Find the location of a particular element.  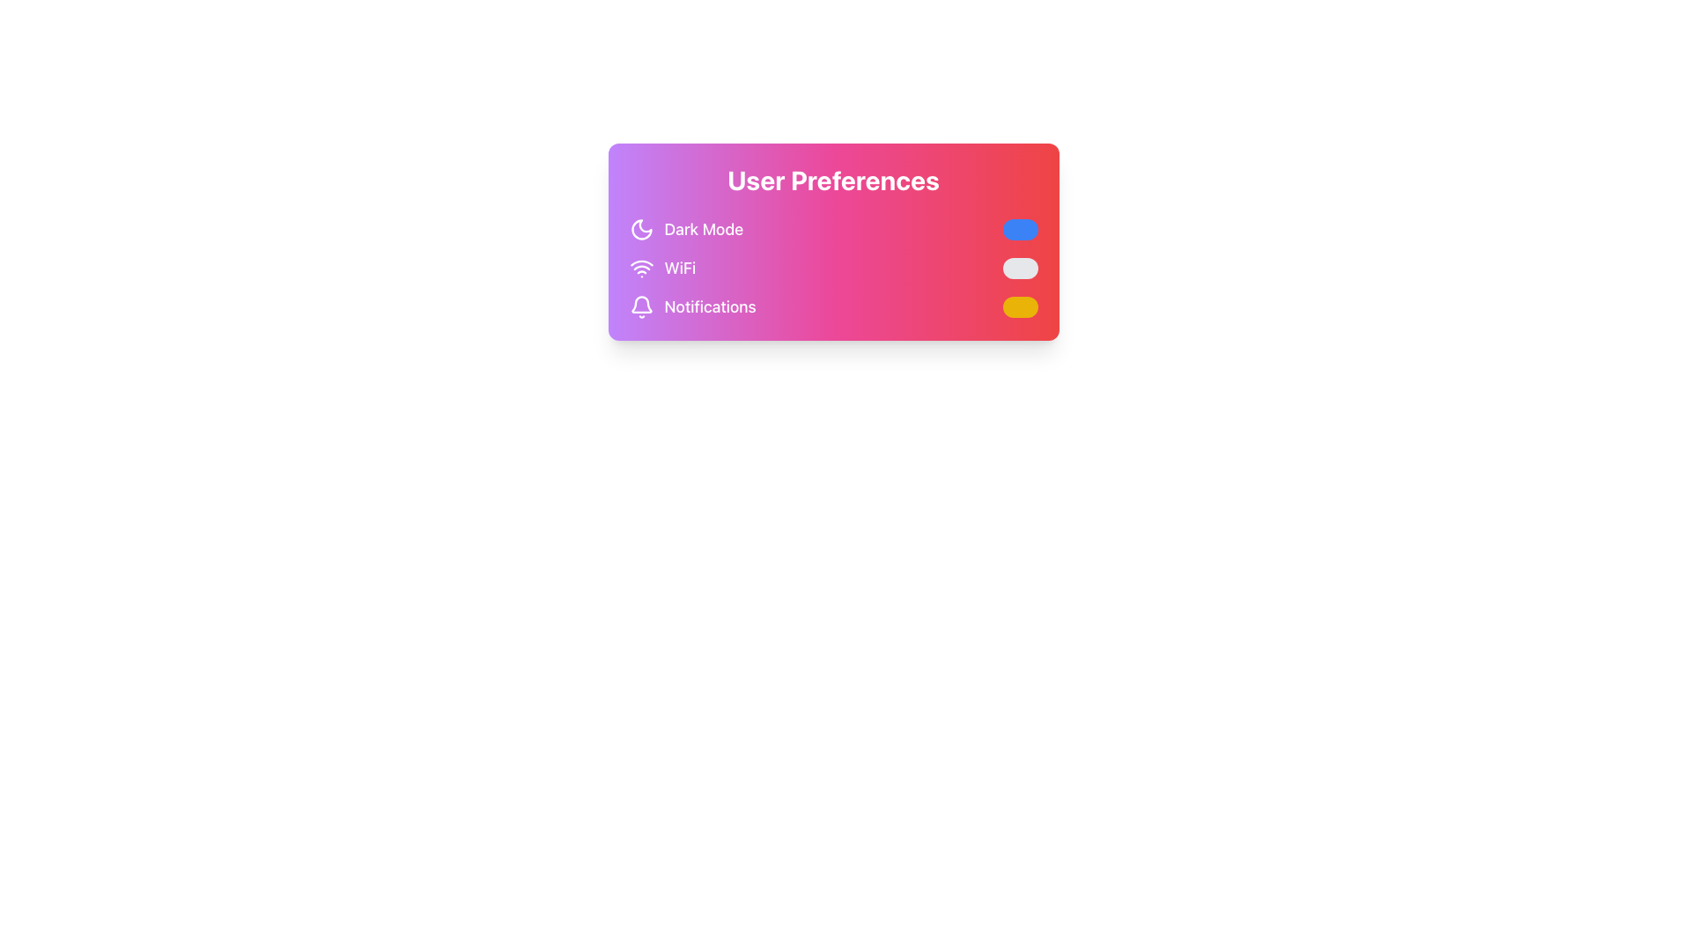

the 'Notifications' text label which is a medium-sized, bold, white text on a gradient background within the 'User Preferences' card, positioned to the right of the bell icon is located at coordinates (710, 306).